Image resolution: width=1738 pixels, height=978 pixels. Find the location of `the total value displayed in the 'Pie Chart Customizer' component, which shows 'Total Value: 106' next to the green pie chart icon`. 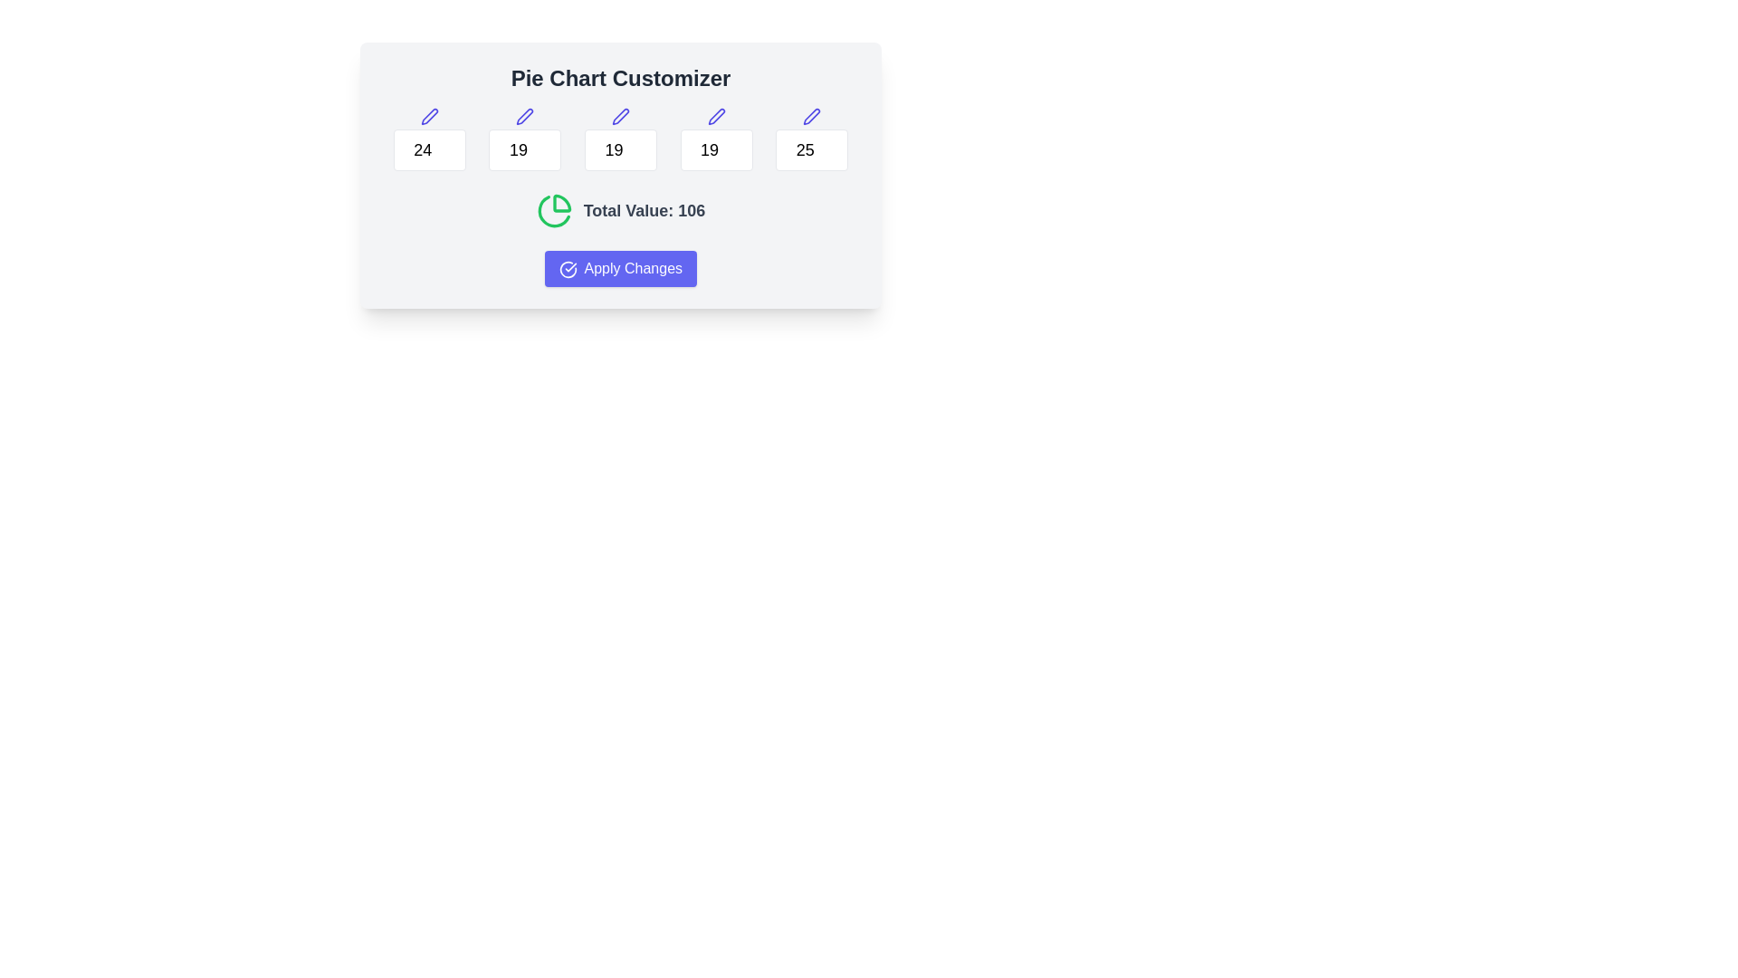

the total value displayed in the 'Pie Chart Customizer' component, which shows 'Total Value: 106' next to the green pie chart icon is located at coordinates (621, 175).